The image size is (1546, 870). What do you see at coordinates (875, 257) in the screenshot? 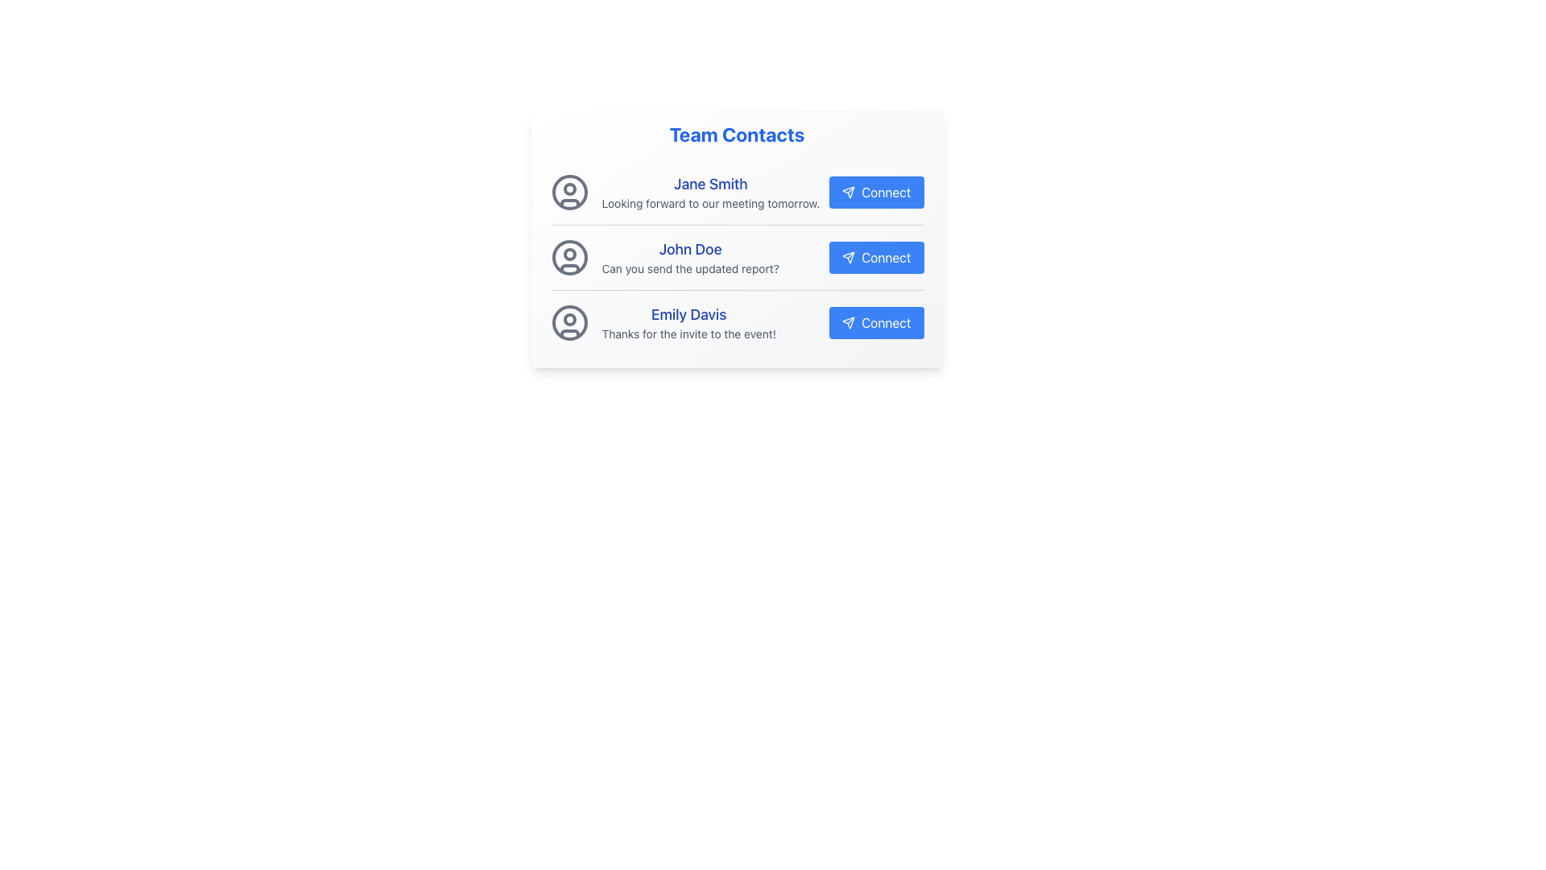
I see `the connection initiation button for 'John Doe'` at bounding box center [875, 257].